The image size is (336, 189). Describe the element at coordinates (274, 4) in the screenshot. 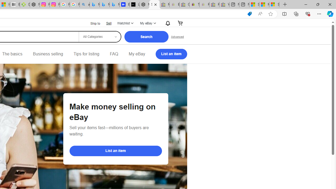

I see `'Sign in to your Microsoft account'` at that location.